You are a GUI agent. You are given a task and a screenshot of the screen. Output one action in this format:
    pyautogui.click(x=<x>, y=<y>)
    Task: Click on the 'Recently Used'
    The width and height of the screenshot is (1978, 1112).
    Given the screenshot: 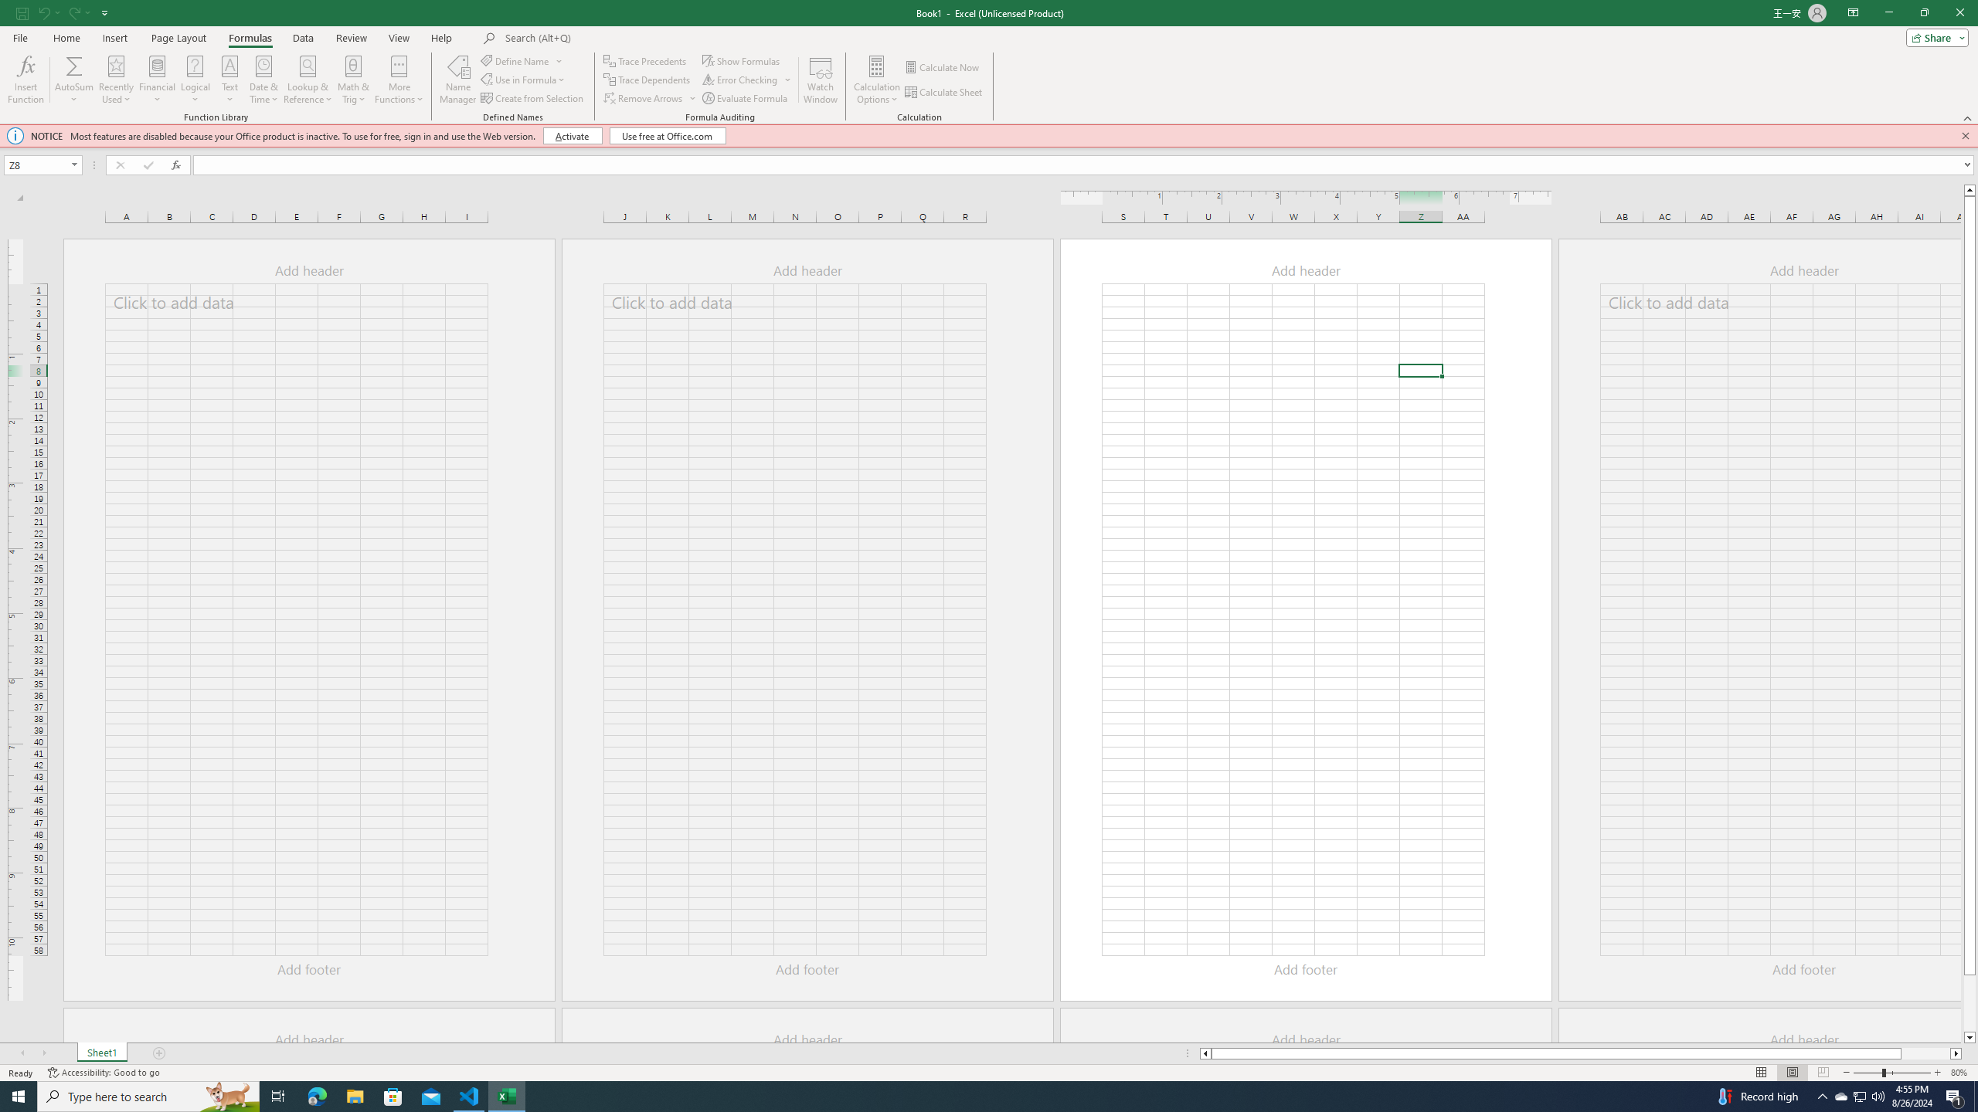 What is the action you would take?
    pyautogui.click(x=116, y=80)
    